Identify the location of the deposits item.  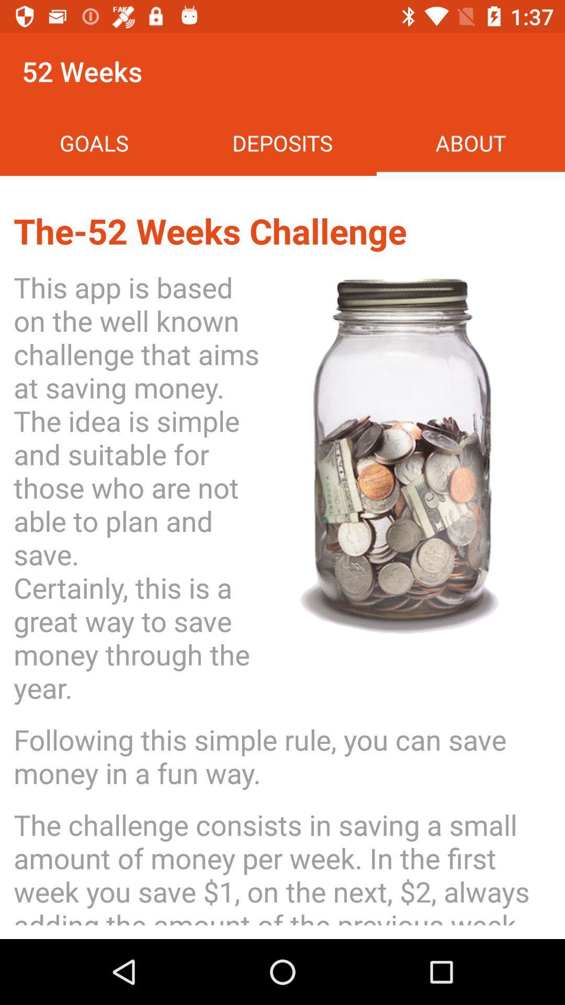
(282, 142).